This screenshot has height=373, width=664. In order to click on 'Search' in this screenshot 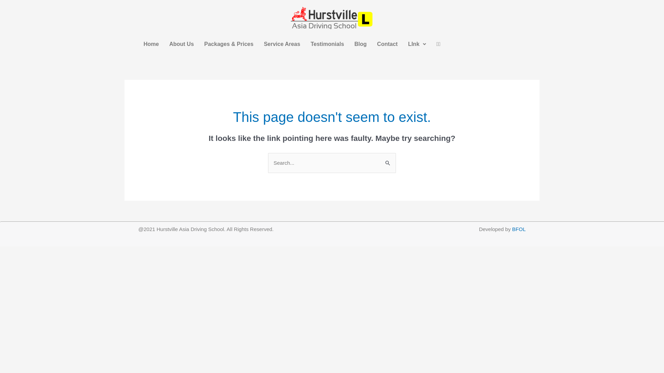, I will do `click(380, 160)`.